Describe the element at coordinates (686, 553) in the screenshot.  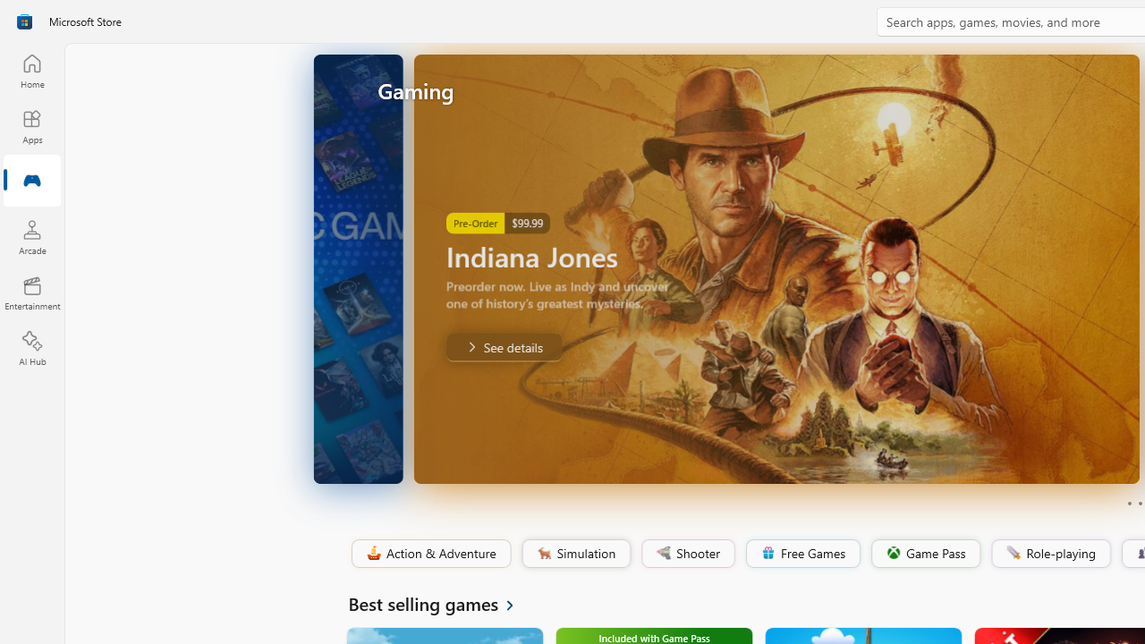
I see `'Shooter'` at that location.